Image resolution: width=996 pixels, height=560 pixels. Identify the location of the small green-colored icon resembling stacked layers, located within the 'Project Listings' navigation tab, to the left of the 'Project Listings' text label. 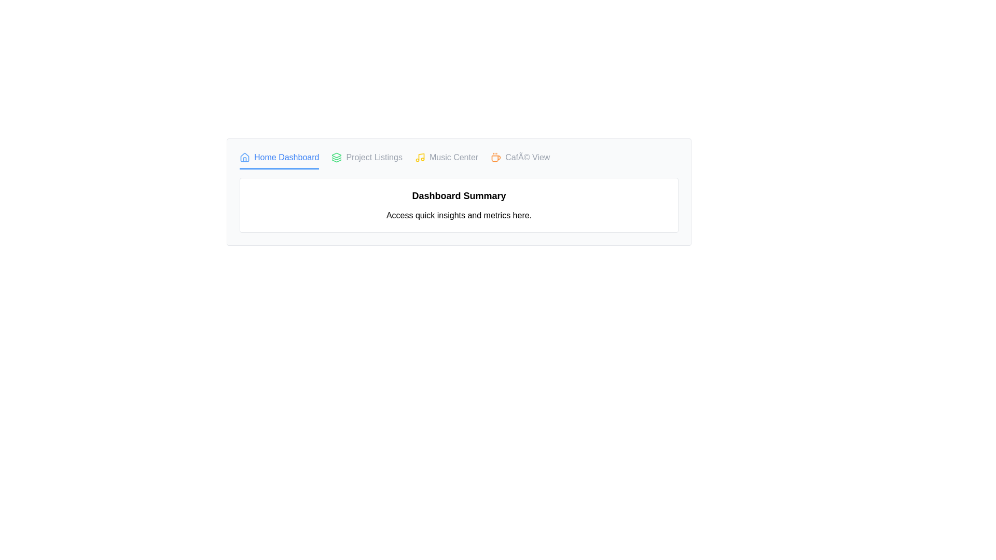
(337, 158).